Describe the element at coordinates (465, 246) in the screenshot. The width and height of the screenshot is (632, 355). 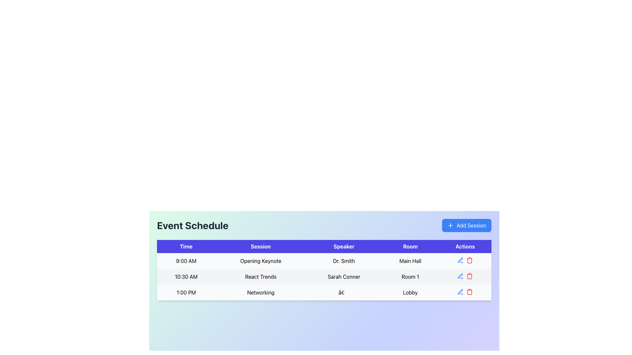
I see `the fifth table header cell labeled 'Actions', which is located in the top right corner of the table header` at that location.